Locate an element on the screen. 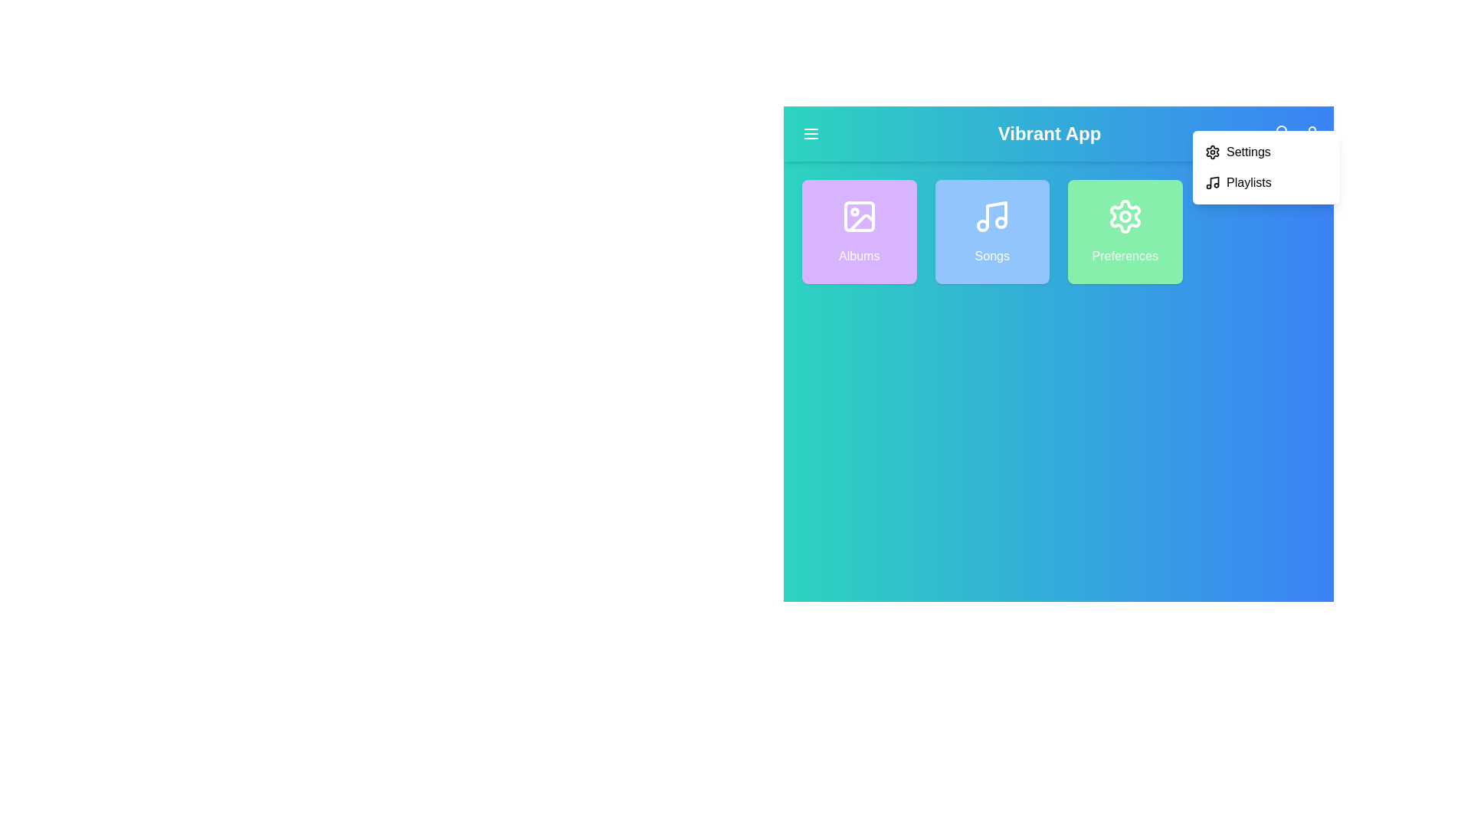  the title text 'Vibrant App' for copying is located at coordinates (1048, 132).